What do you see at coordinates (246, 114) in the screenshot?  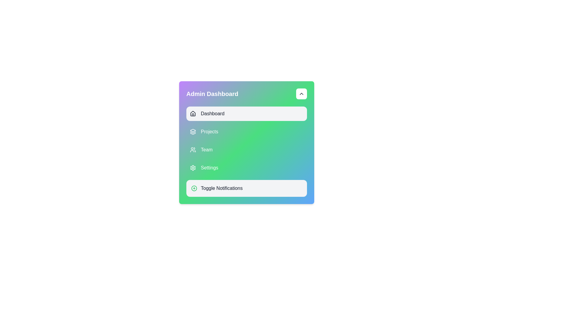 I see `the 'Dashboard' tab in the sidebar menu` at bounding box center [246, 114].